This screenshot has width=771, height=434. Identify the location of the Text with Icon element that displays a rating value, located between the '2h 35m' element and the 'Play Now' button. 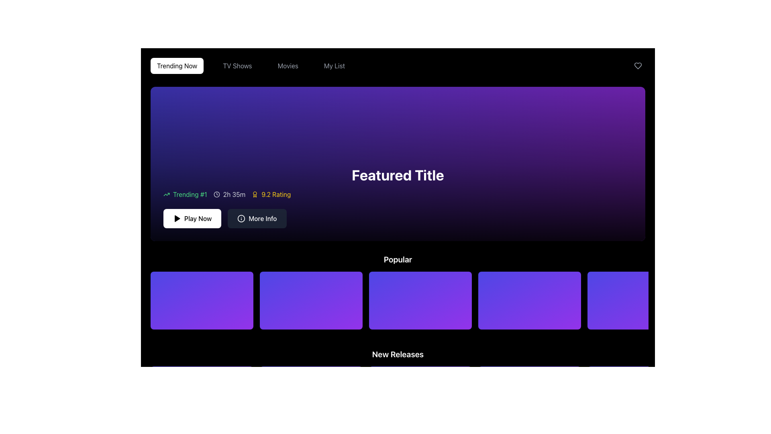
(271, 194).